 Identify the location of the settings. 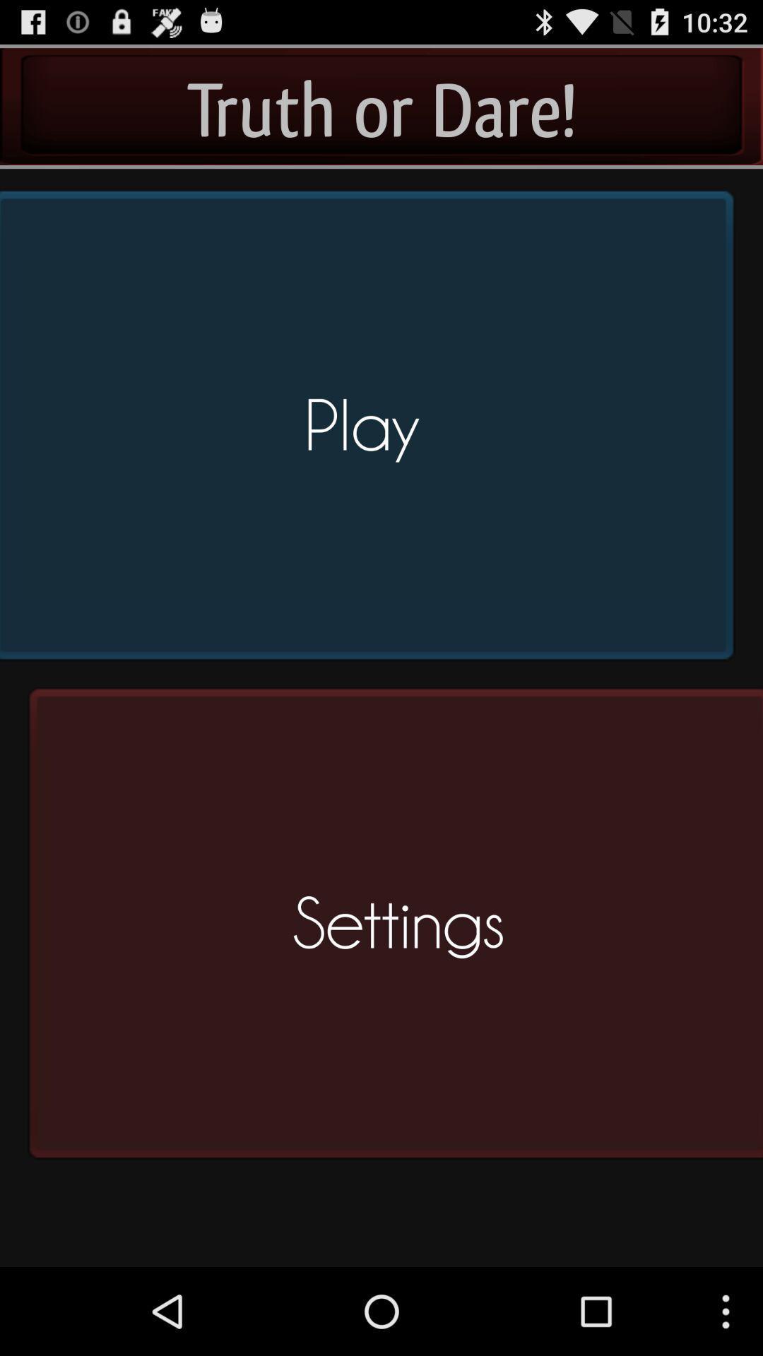
(391, 929).